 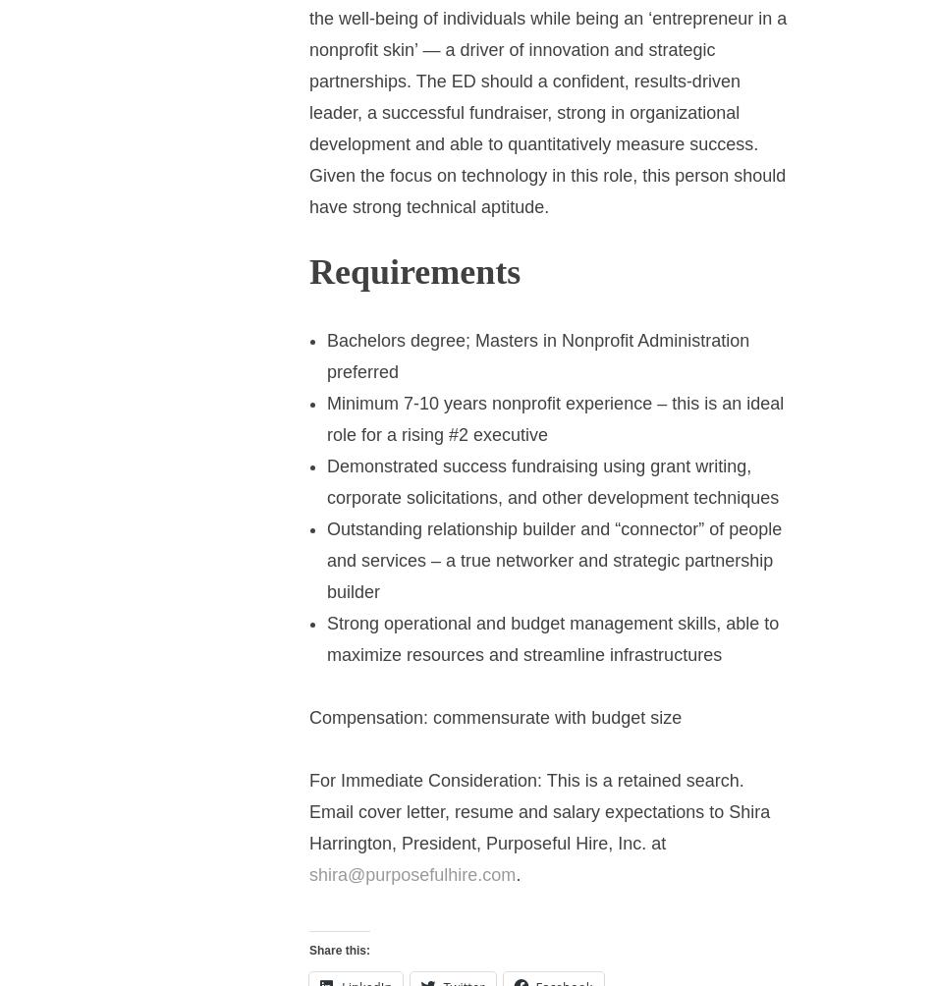 I want to click on 'Requirements', so click(x=413, y=272).